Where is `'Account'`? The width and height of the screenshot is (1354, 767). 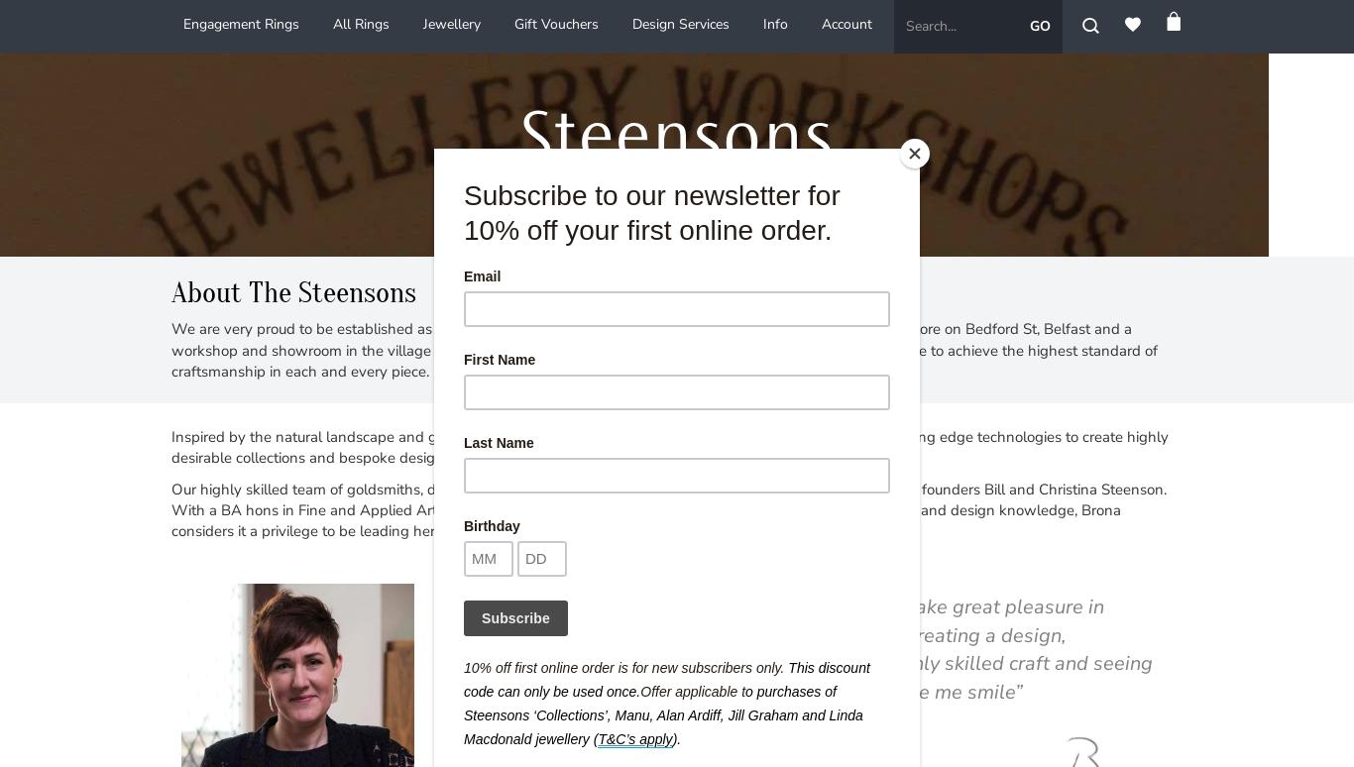 'Account' is located at coordinates (846, 24).